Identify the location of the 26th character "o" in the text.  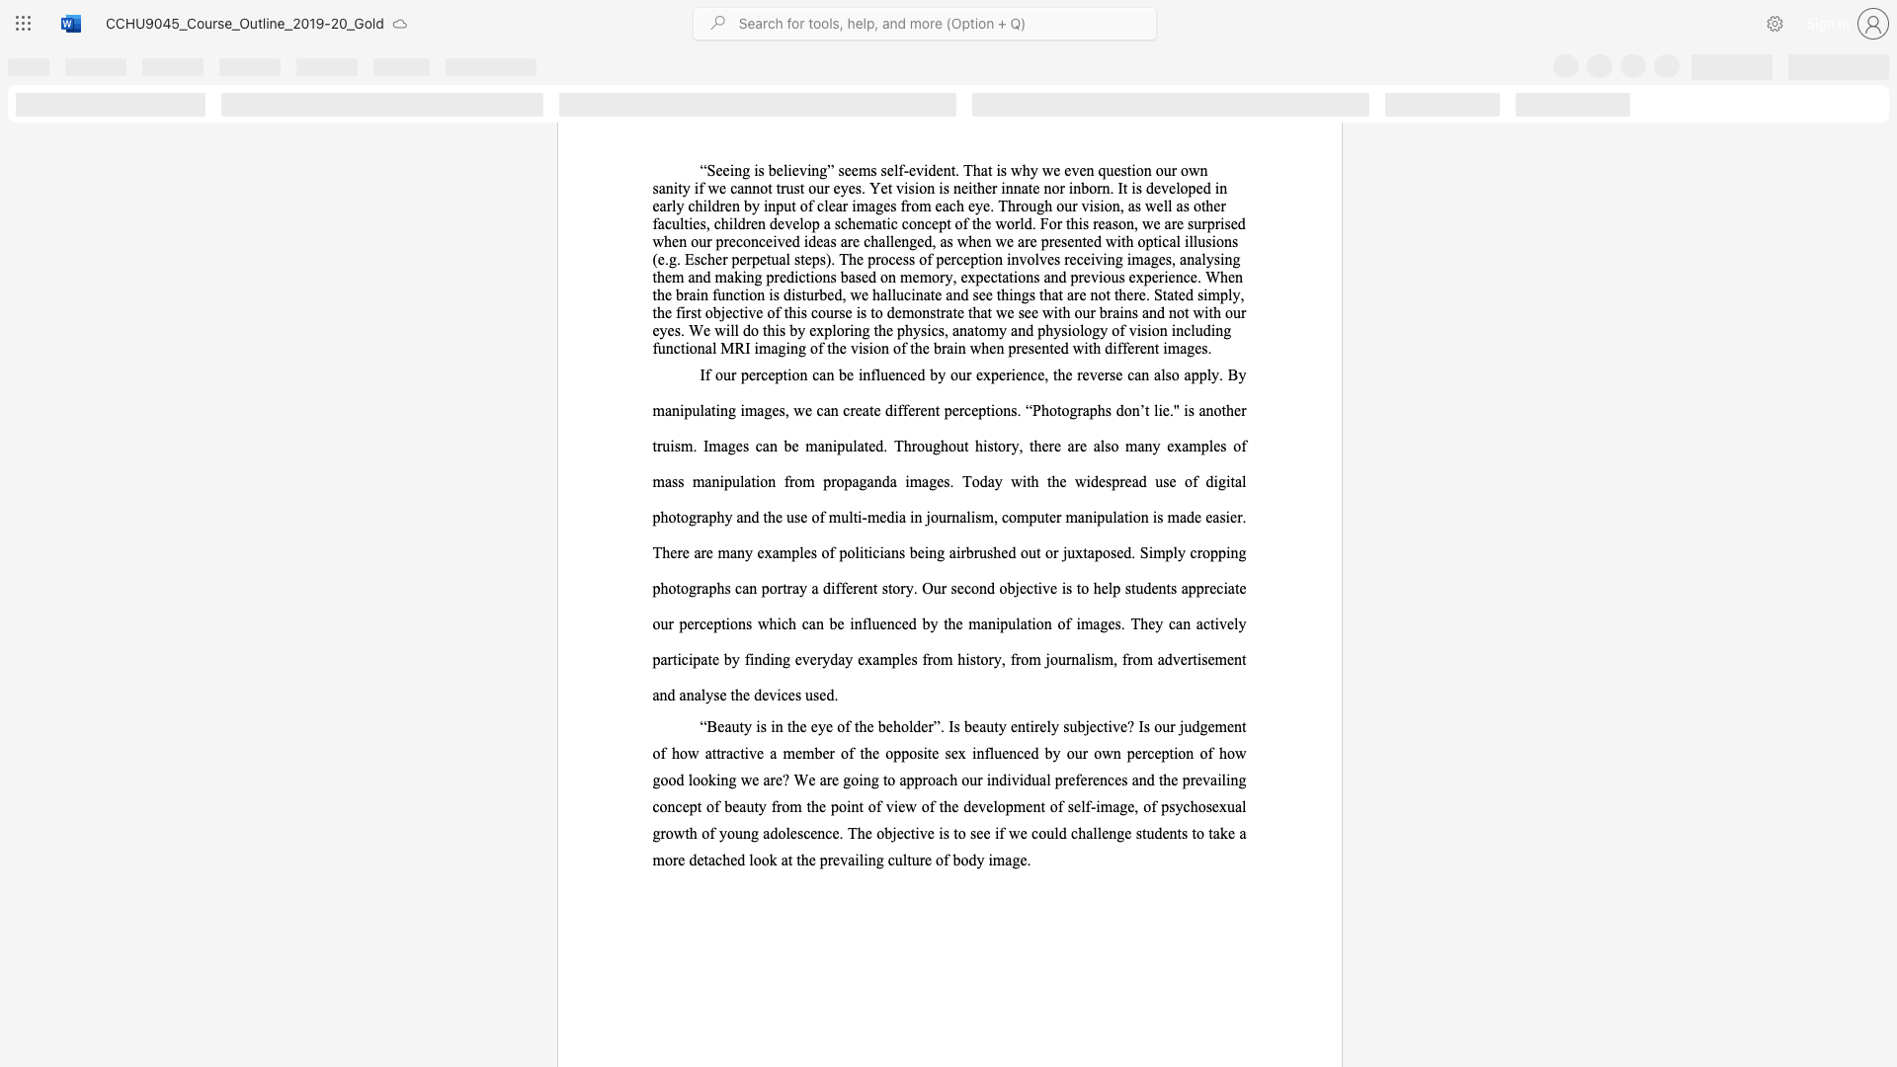
(876, 347).